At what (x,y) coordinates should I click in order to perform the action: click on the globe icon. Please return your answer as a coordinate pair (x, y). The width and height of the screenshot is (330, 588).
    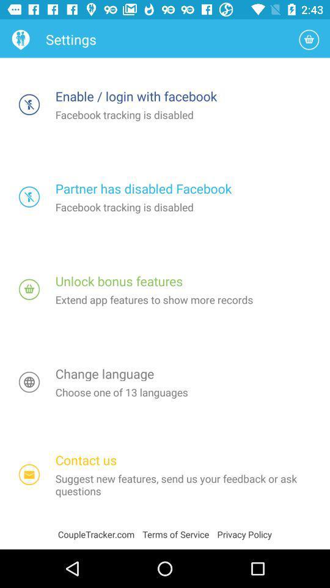
    Looking at the image, I should click on (29, 382).